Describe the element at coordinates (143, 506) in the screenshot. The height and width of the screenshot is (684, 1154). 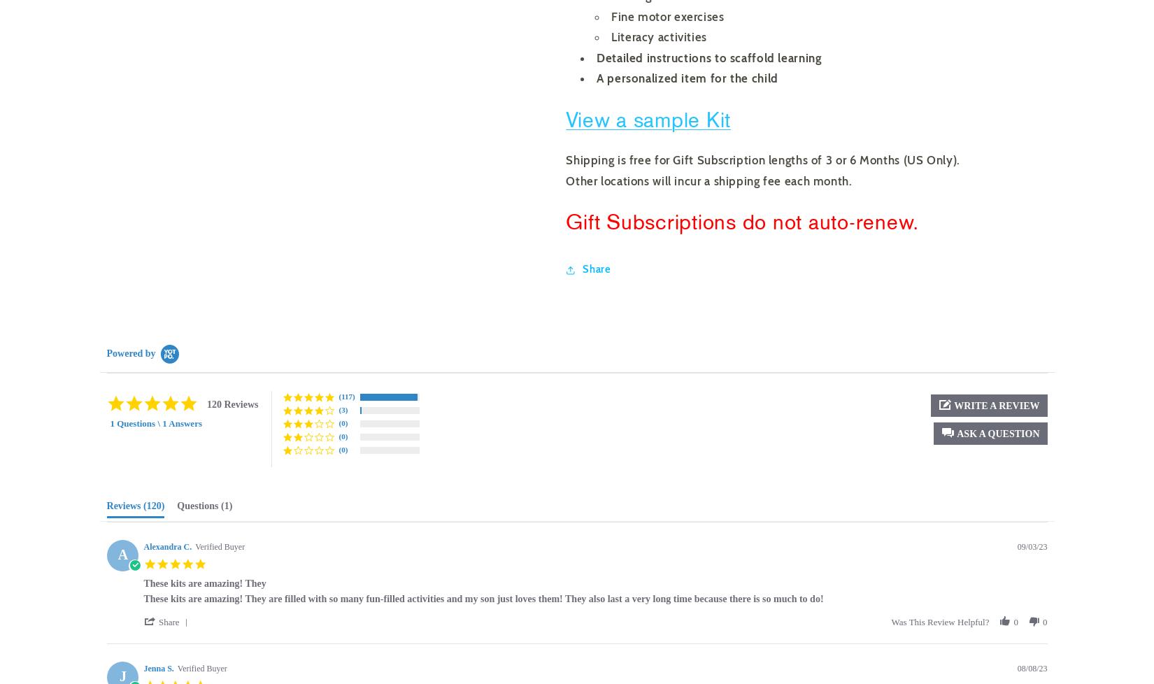
I see `'(120)'` at that location.